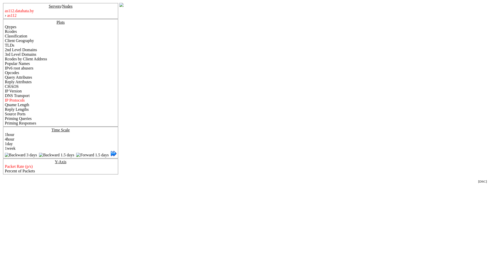 The width and height of the screenshot is (489, 275). I want to click on '2nd Level Domains', so click(20, 50).